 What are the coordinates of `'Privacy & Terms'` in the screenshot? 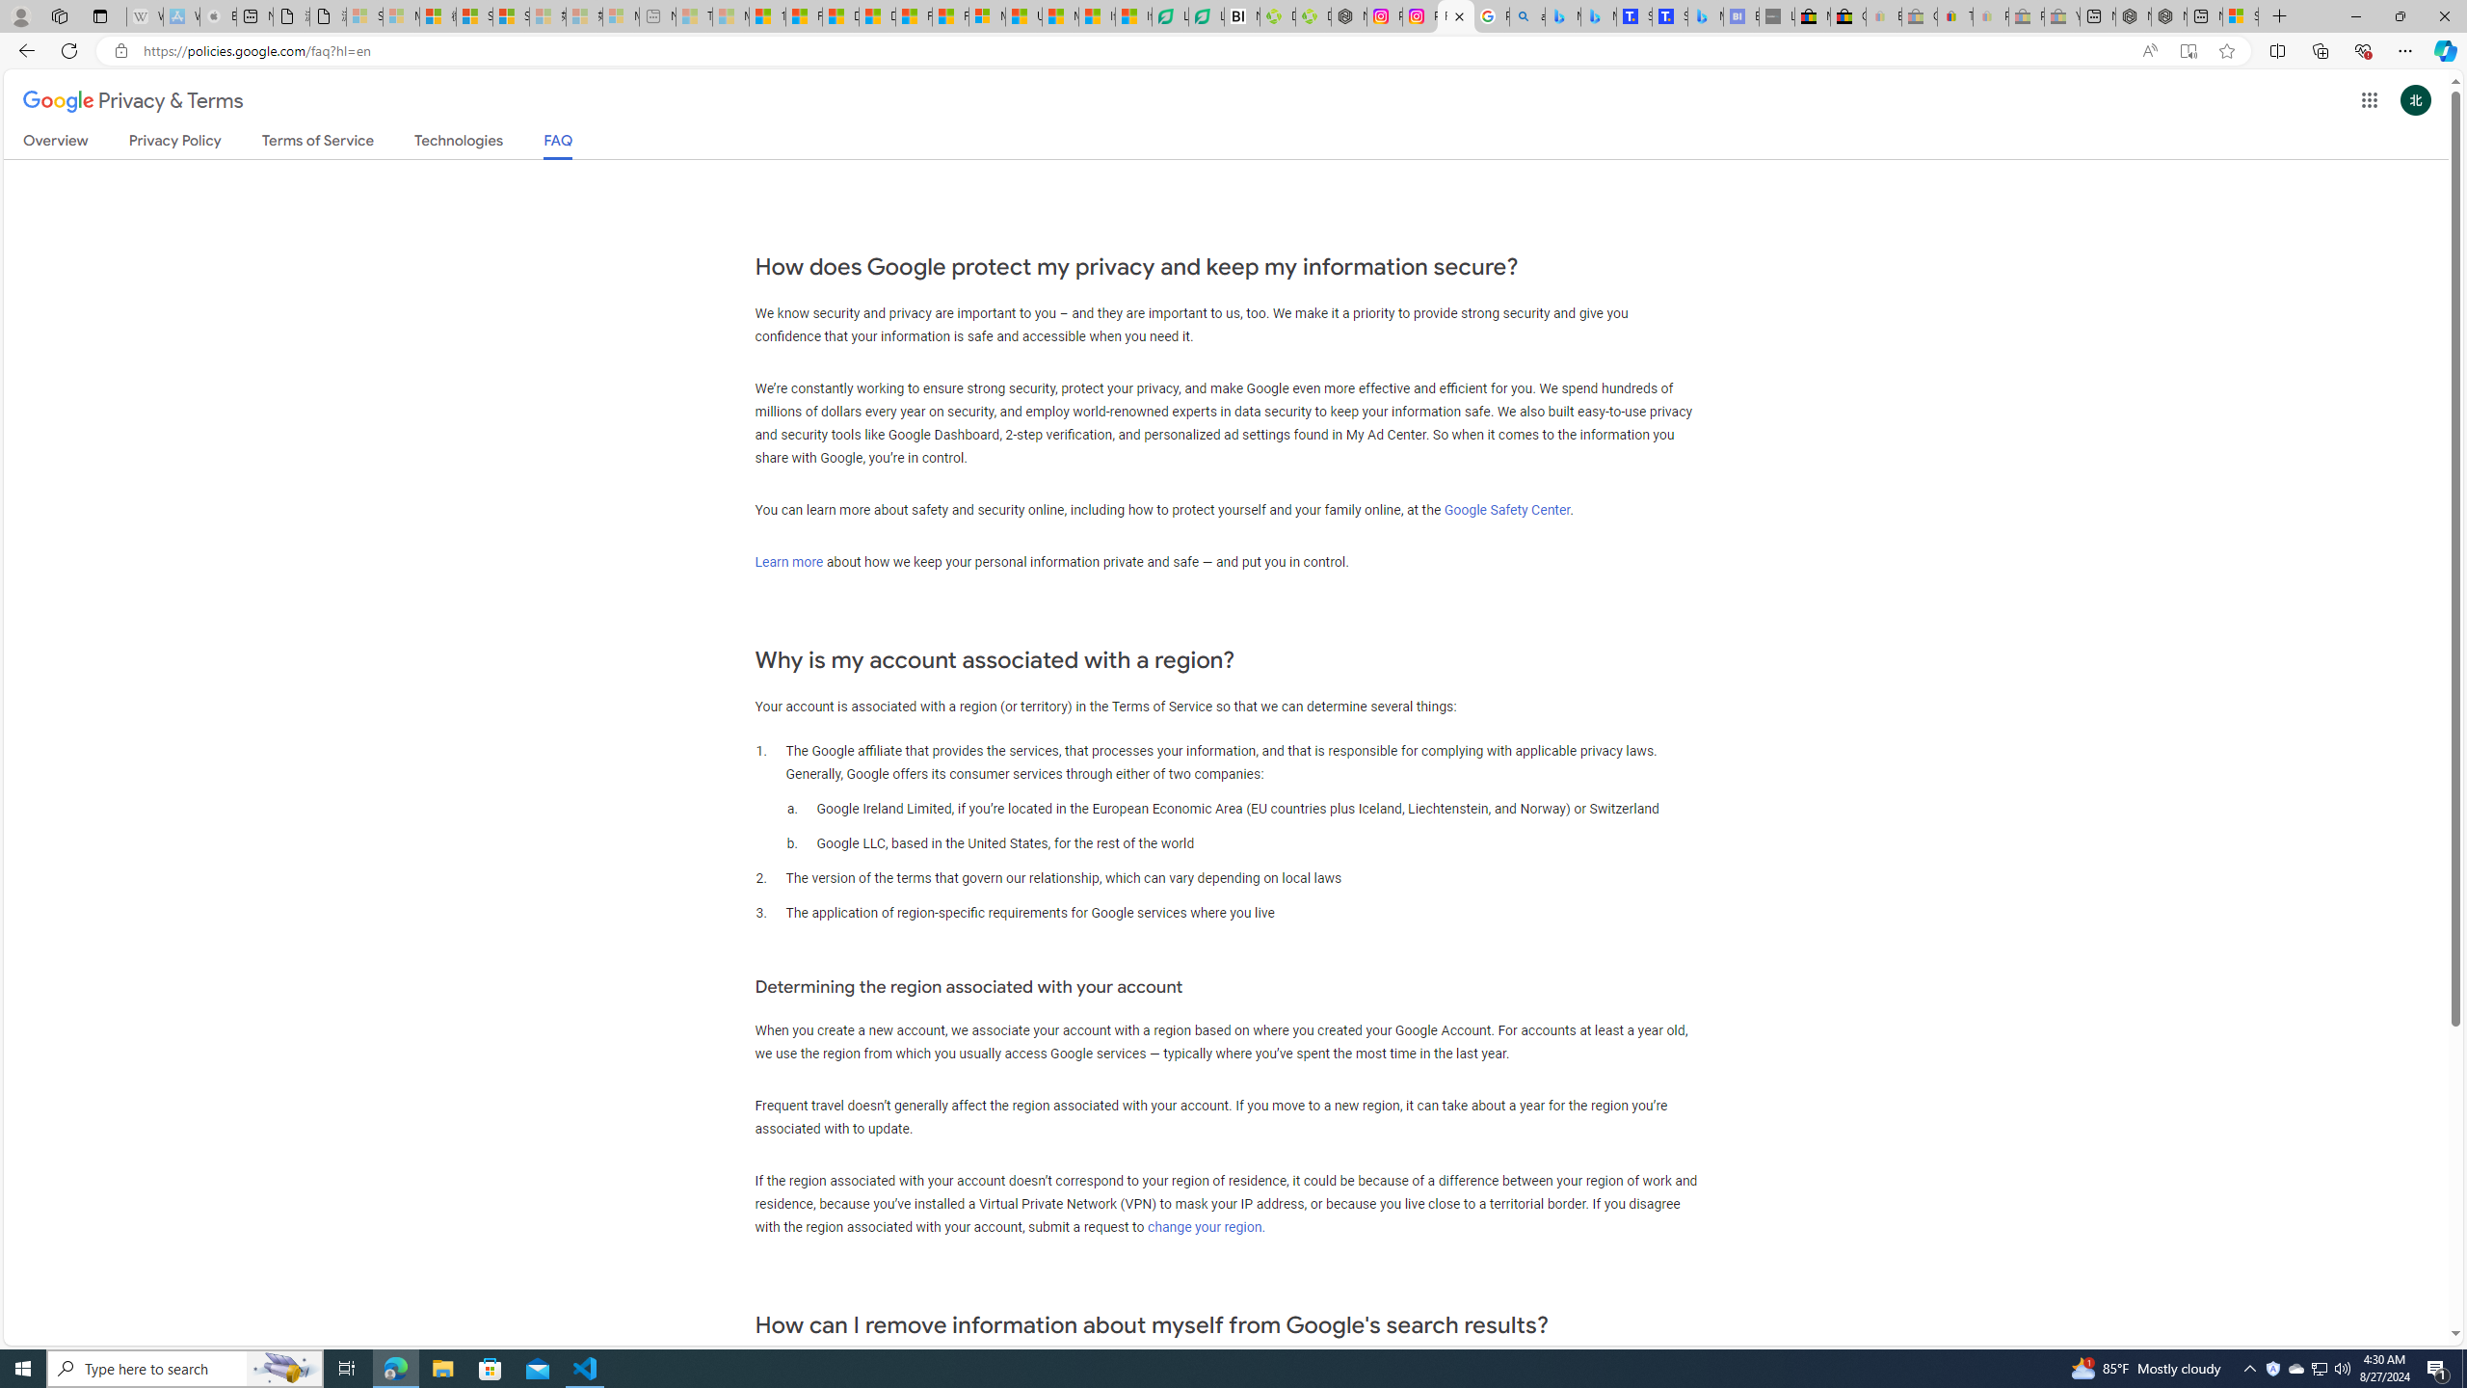 It's located at (133, 100).